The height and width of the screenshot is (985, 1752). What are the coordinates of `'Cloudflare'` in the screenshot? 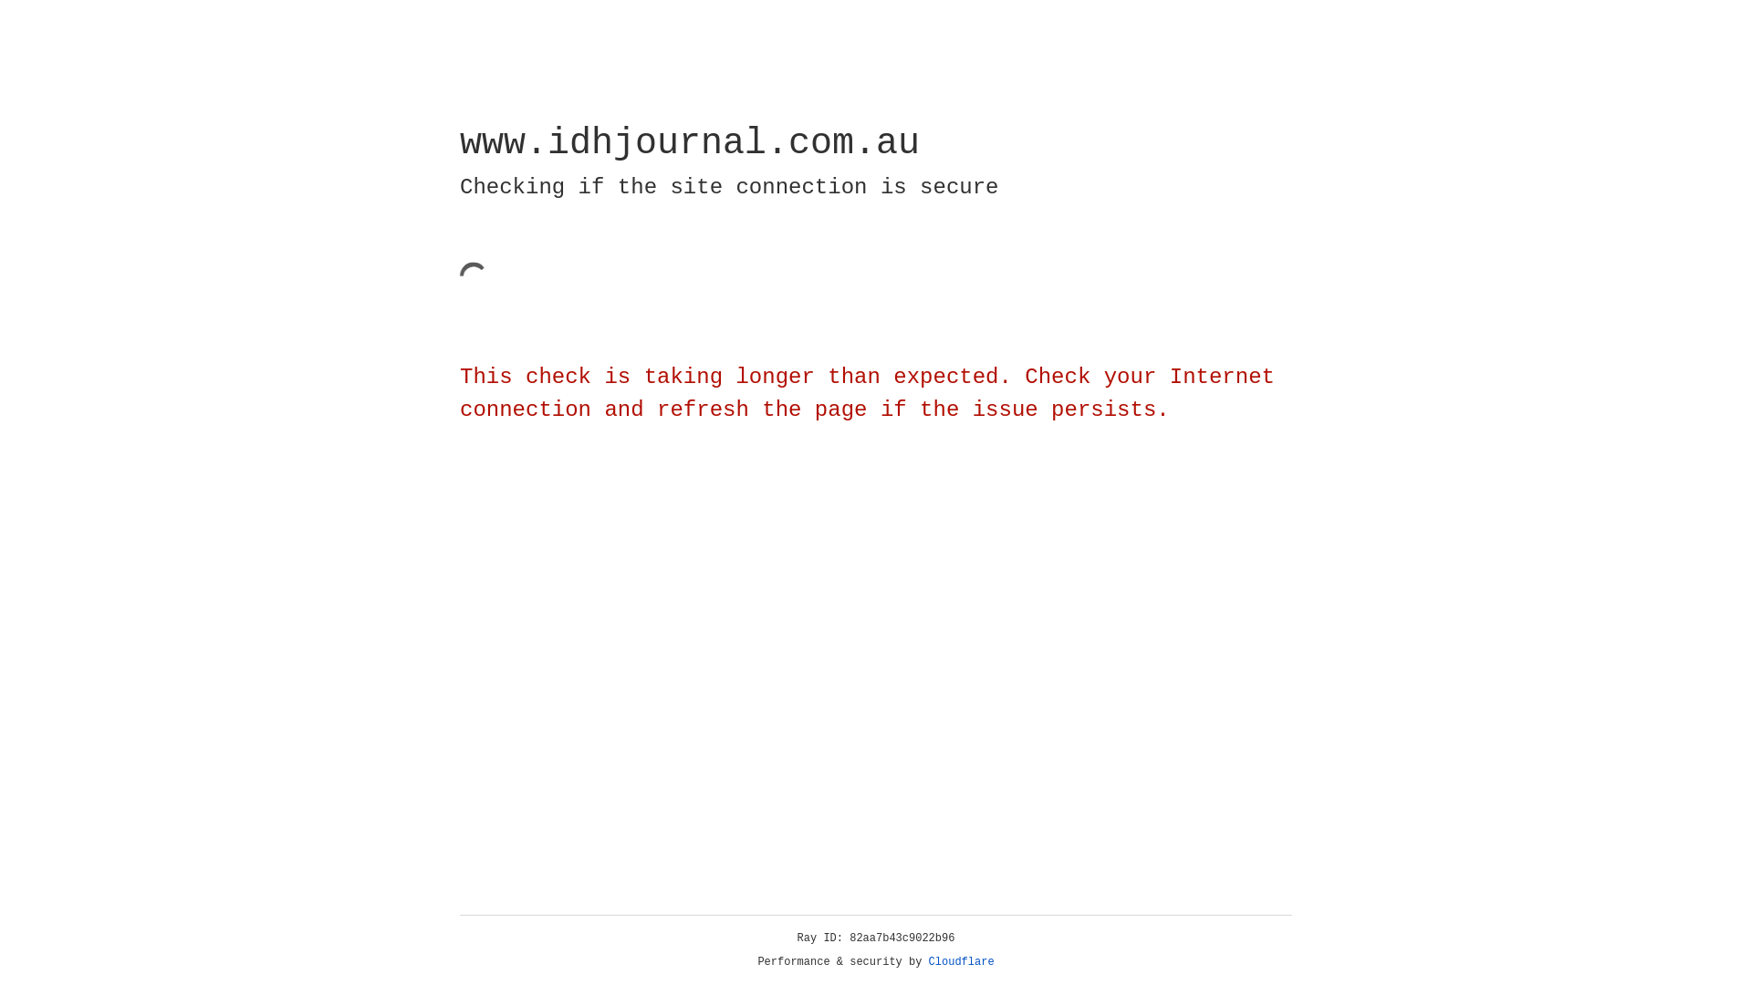 It's located at (928, 961).